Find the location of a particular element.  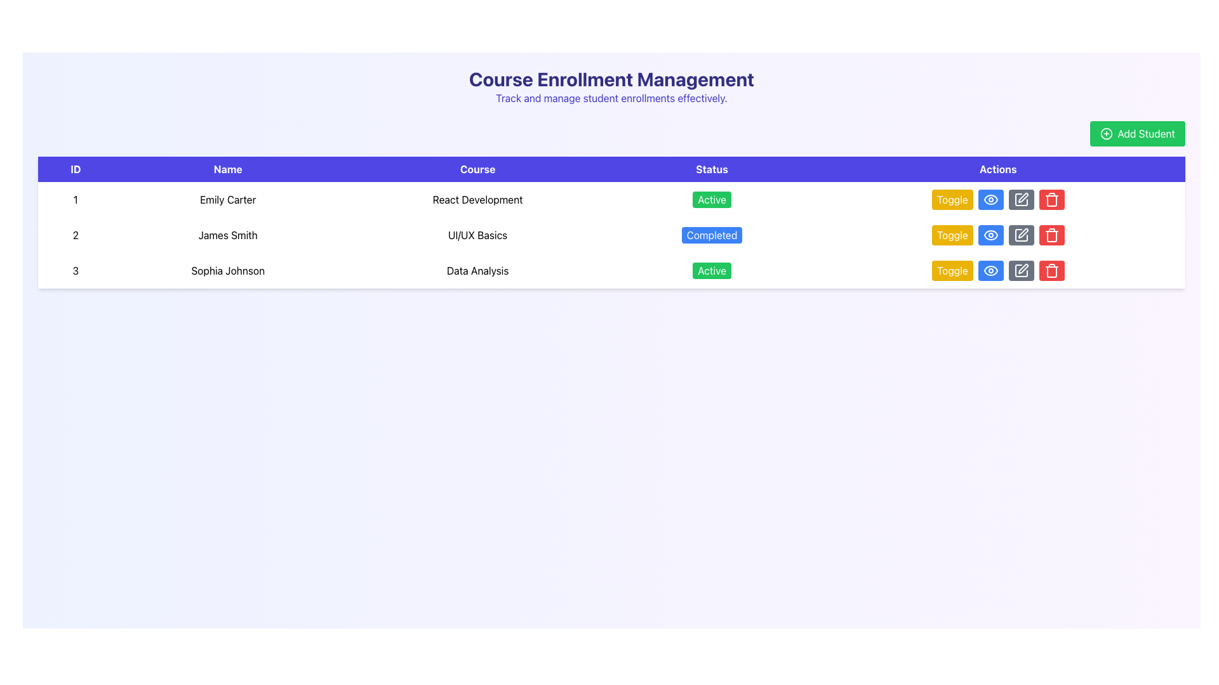

the Header Section containing the title 'Course Enrollment Management' and the subtitle 'Track and manage student enrollments effectively.' is located at coordinates (611, 86).